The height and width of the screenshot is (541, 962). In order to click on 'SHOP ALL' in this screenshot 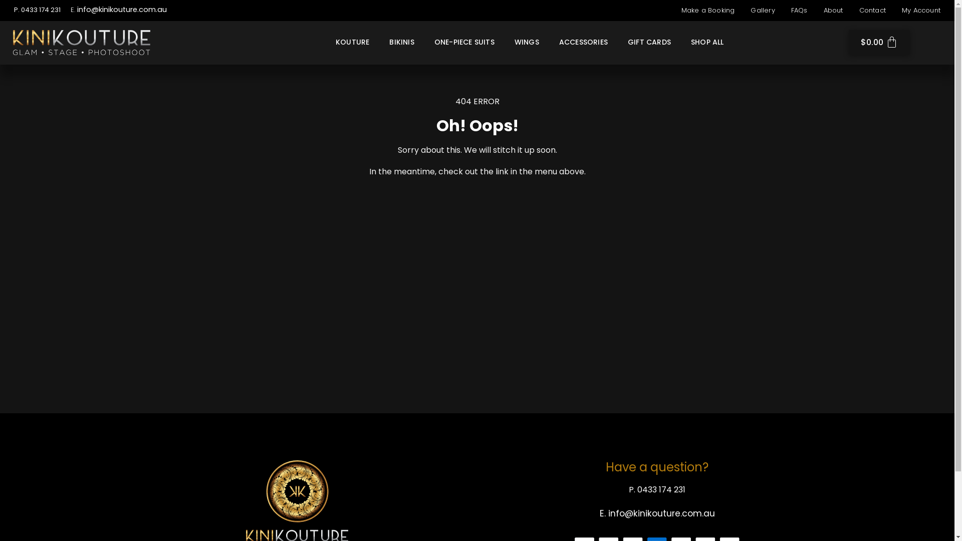, I will do `click(706, 42)`.